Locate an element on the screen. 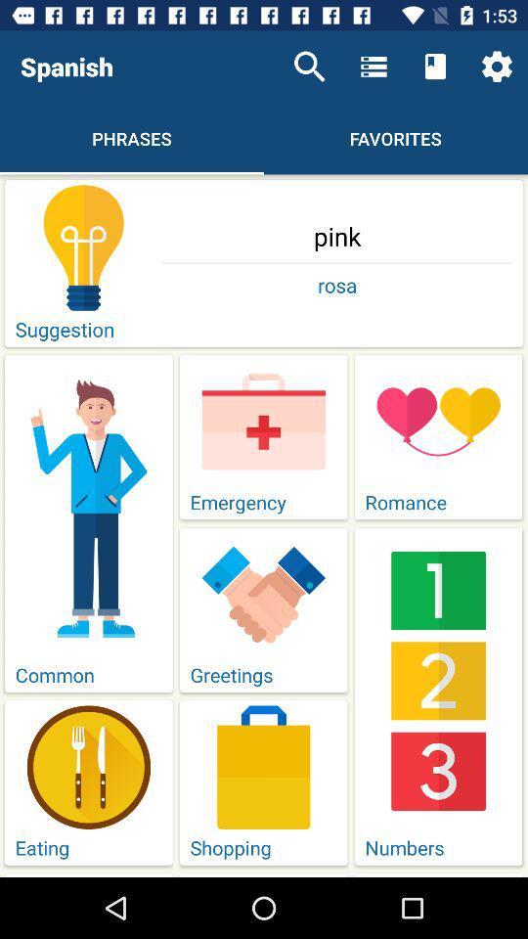  romance is located at coordinates (438, 437).